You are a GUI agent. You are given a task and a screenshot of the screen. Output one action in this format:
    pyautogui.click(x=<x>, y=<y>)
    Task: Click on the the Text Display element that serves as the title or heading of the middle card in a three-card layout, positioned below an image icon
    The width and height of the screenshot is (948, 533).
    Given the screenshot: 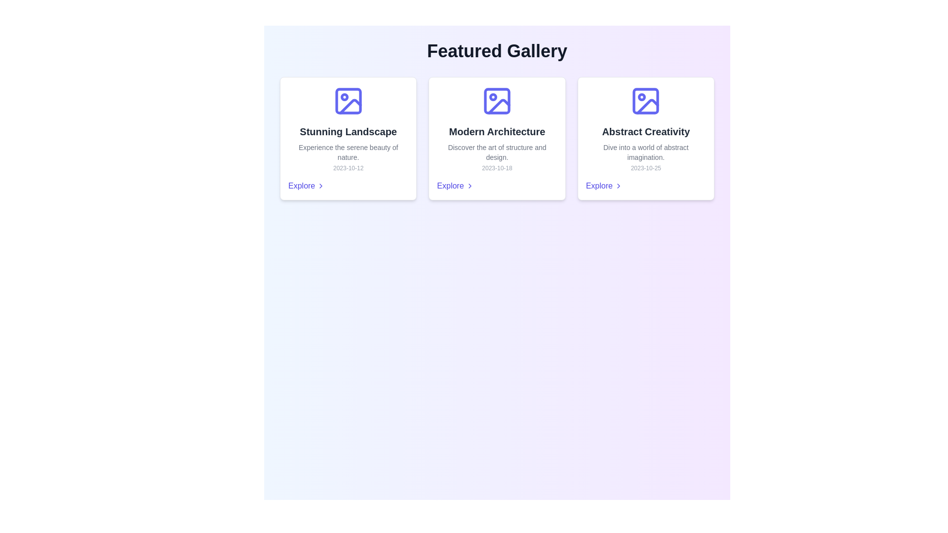 What is the action you would take?
    pyautogui.click(x=497, y=131)
    